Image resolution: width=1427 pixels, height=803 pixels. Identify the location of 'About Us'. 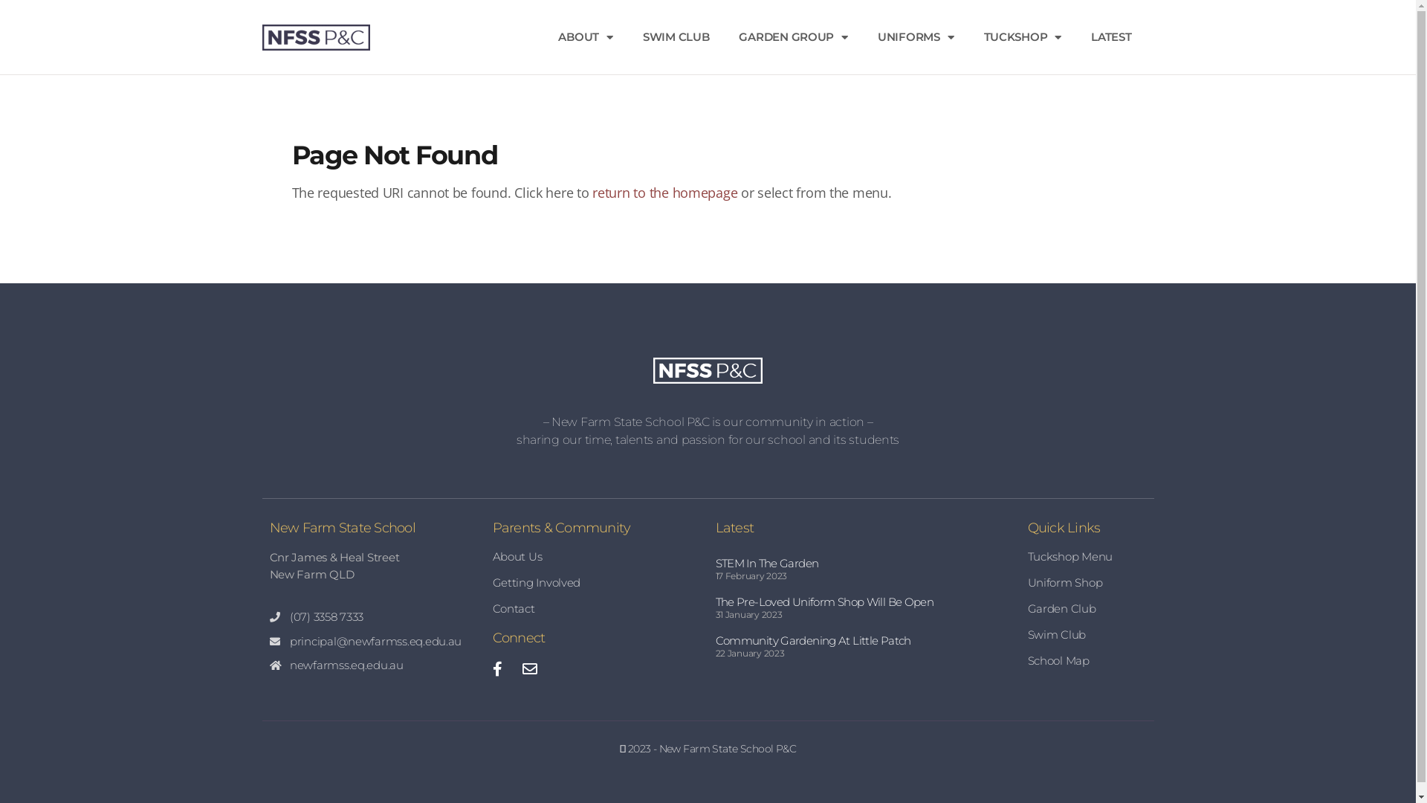
(595, 556).